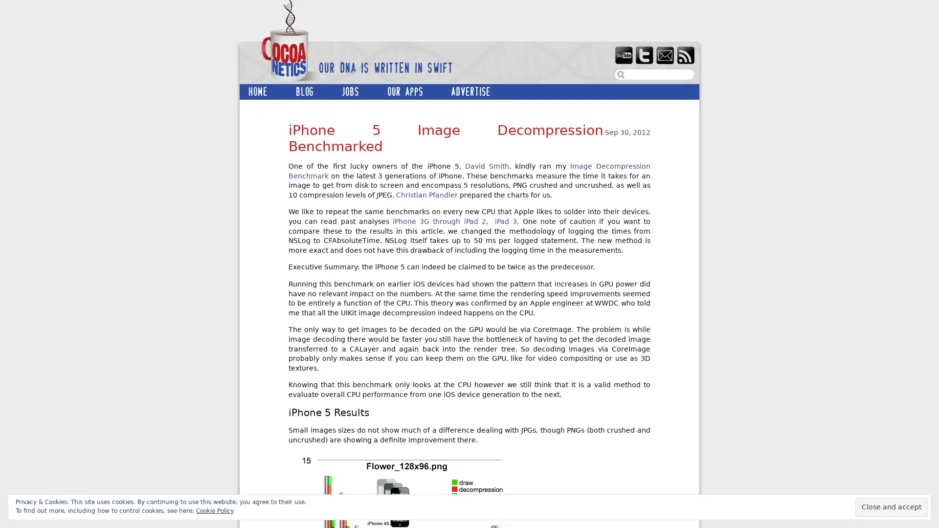 This screenshot has height=528, width=939. What do you see at coordinates (892, 506) in the screenshot?
I see `Close and accept` at bounding box center [892, 506].